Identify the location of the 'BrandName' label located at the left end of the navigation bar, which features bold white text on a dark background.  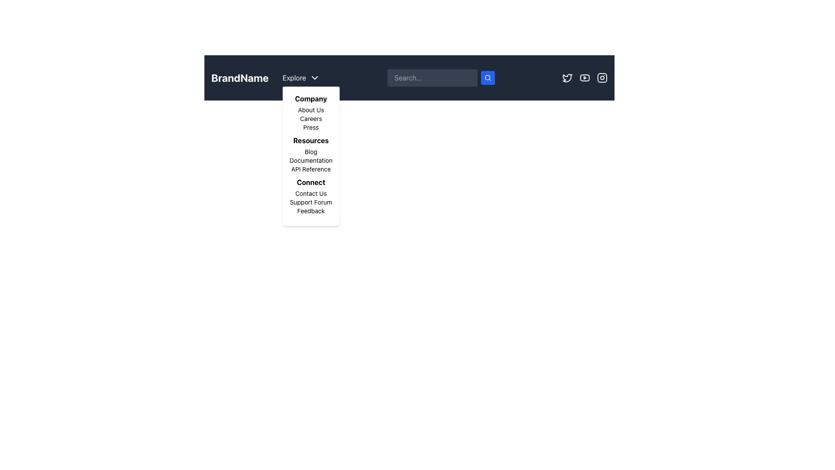
(265, 77).